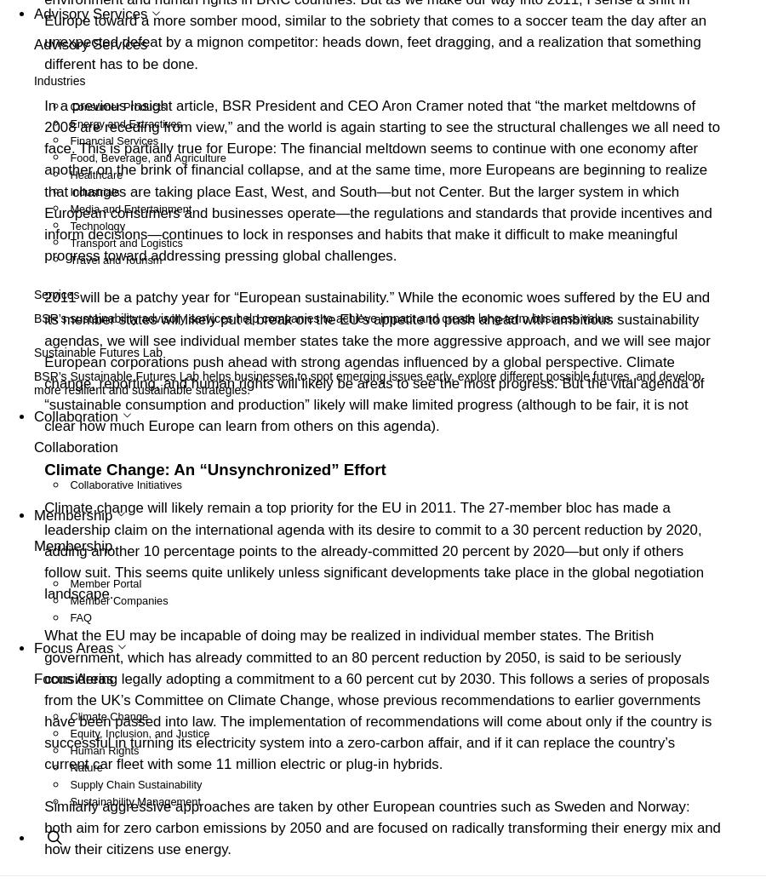  What do you see at coordinates (121, 463) in the screenshot?
I see `'Member Companies'` at bounding box center [121, 463].